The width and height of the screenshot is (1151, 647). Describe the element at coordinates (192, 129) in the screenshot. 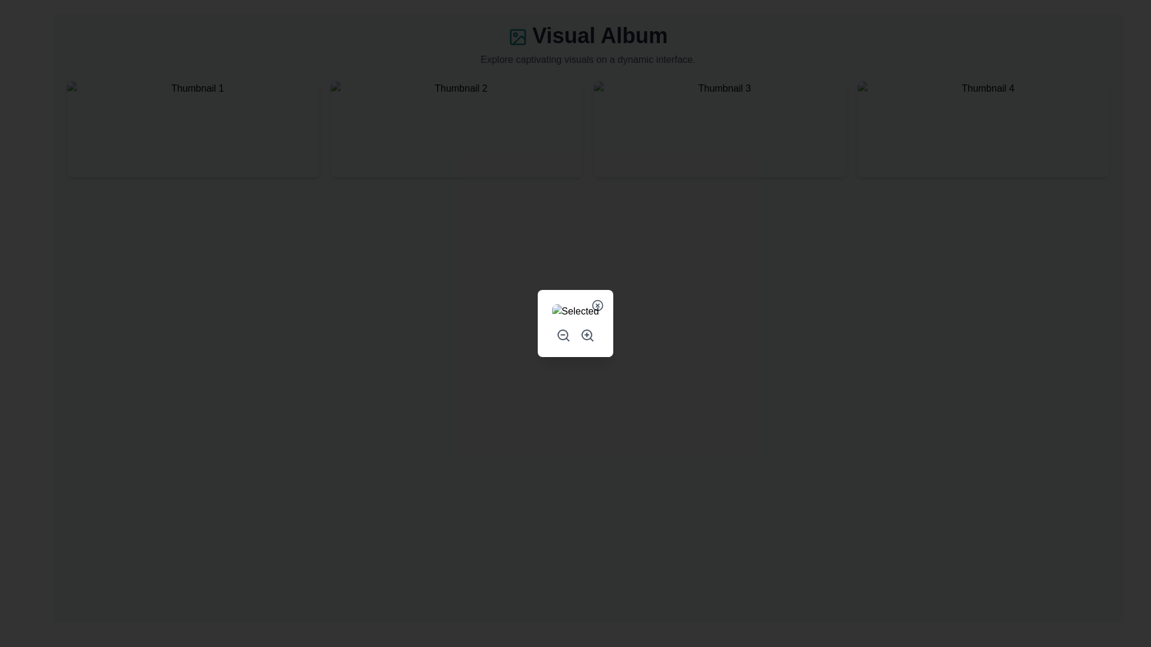

I see `the first card in the grid layout, which features a thumbnail image labeled 'Thumbnail 1' with a vibrant orange background, to trigger visual feedback` at that location.